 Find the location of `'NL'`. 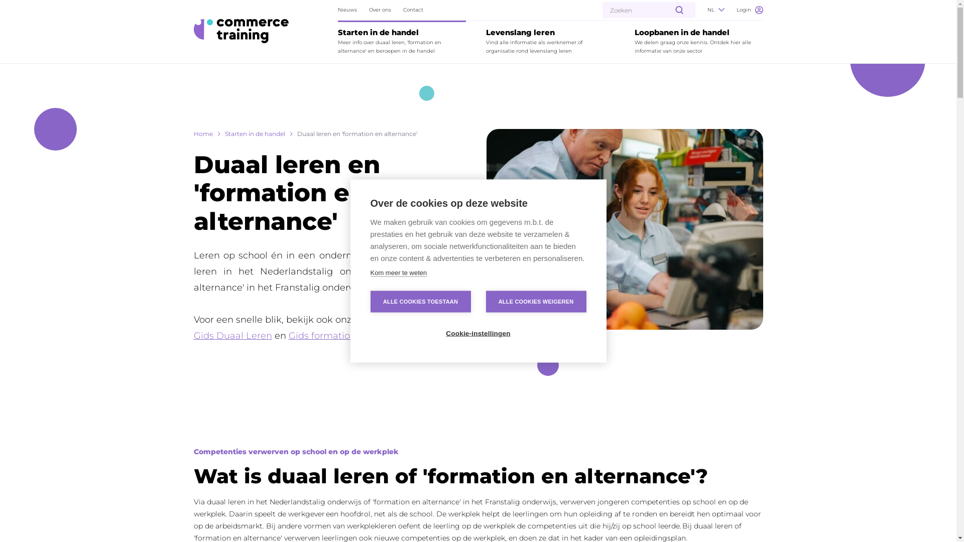

'NL' is located at coordinates (715, 10).